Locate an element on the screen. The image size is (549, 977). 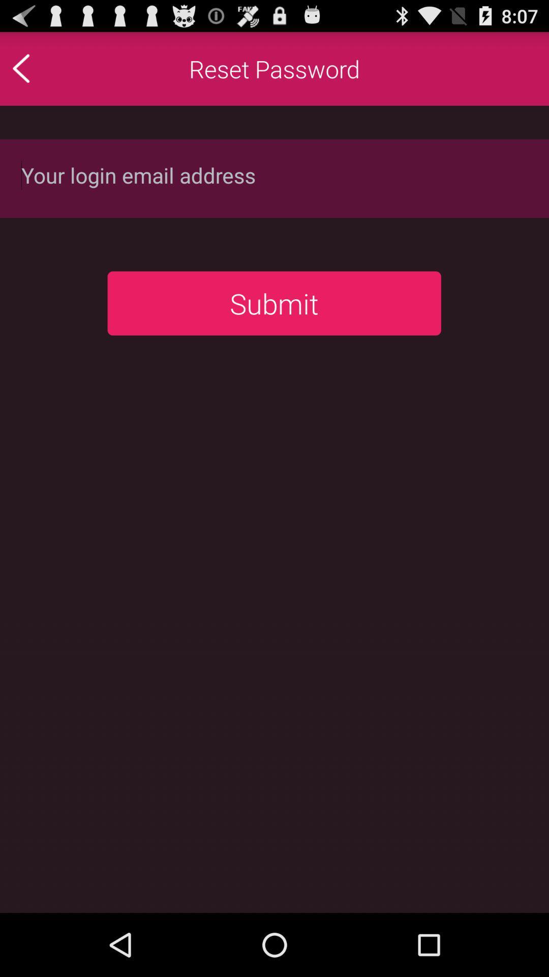
email address is located at coordinates (274, 178).